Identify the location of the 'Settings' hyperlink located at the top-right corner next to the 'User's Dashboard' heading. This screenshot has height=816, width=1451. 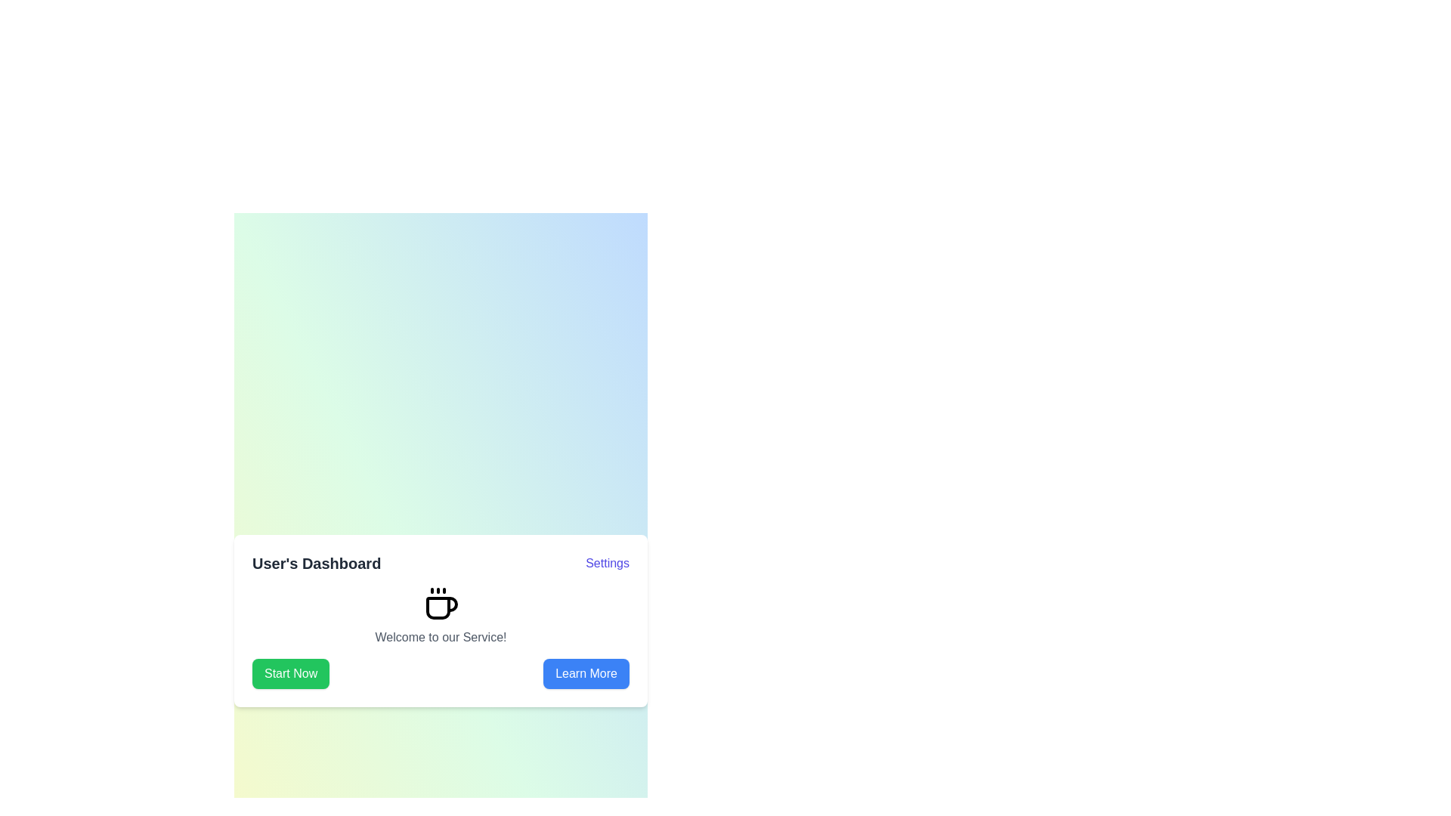
(608, 563).